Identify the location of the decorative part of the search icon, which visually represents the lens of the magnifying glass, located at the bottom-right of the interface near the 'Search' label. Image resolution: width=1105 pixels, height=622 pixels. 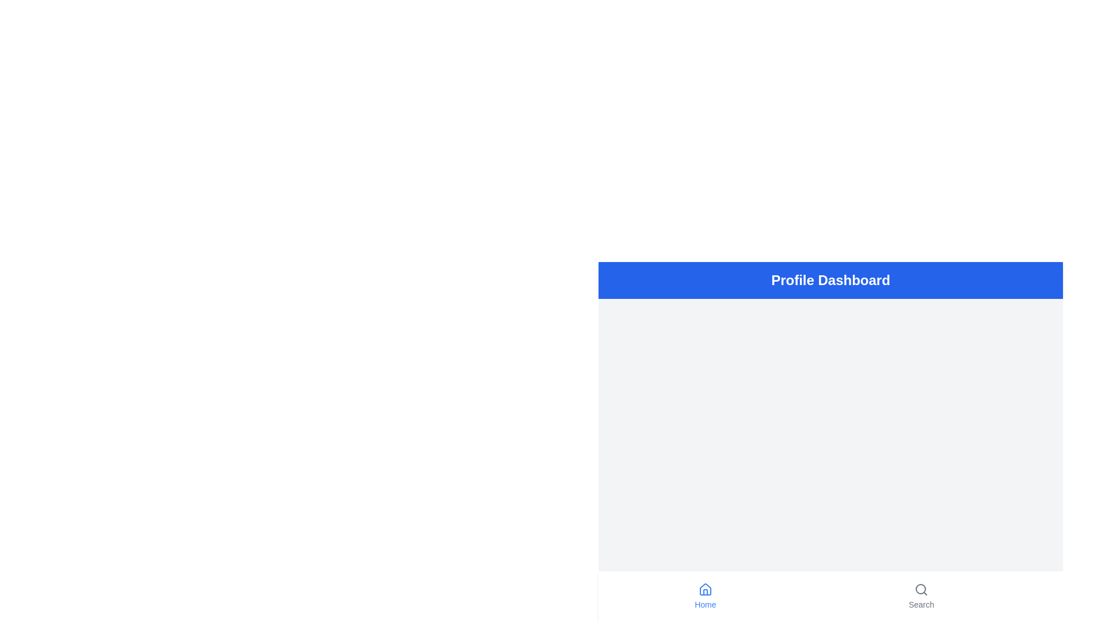
(921, 589).